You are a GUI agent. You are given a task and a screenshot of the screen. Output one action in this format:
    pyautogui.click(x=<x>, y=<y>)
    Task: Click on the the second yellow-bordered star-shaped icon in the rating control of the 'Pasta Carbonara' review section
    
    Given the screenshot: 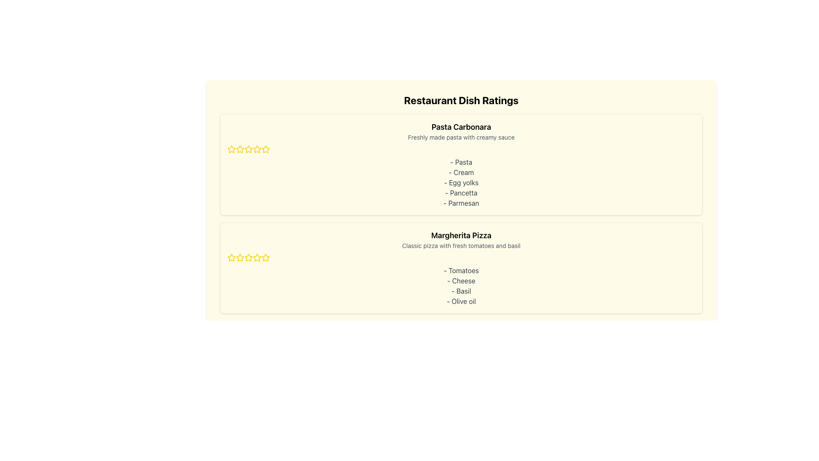 What is the action you would take?
    pyautogui.click(x=248, y=149)
    